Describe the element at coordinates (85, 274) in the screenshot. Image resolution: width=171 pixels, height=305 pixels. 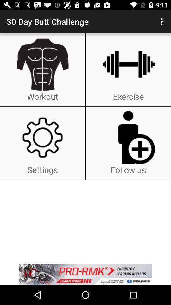
I see `the option` at that location.